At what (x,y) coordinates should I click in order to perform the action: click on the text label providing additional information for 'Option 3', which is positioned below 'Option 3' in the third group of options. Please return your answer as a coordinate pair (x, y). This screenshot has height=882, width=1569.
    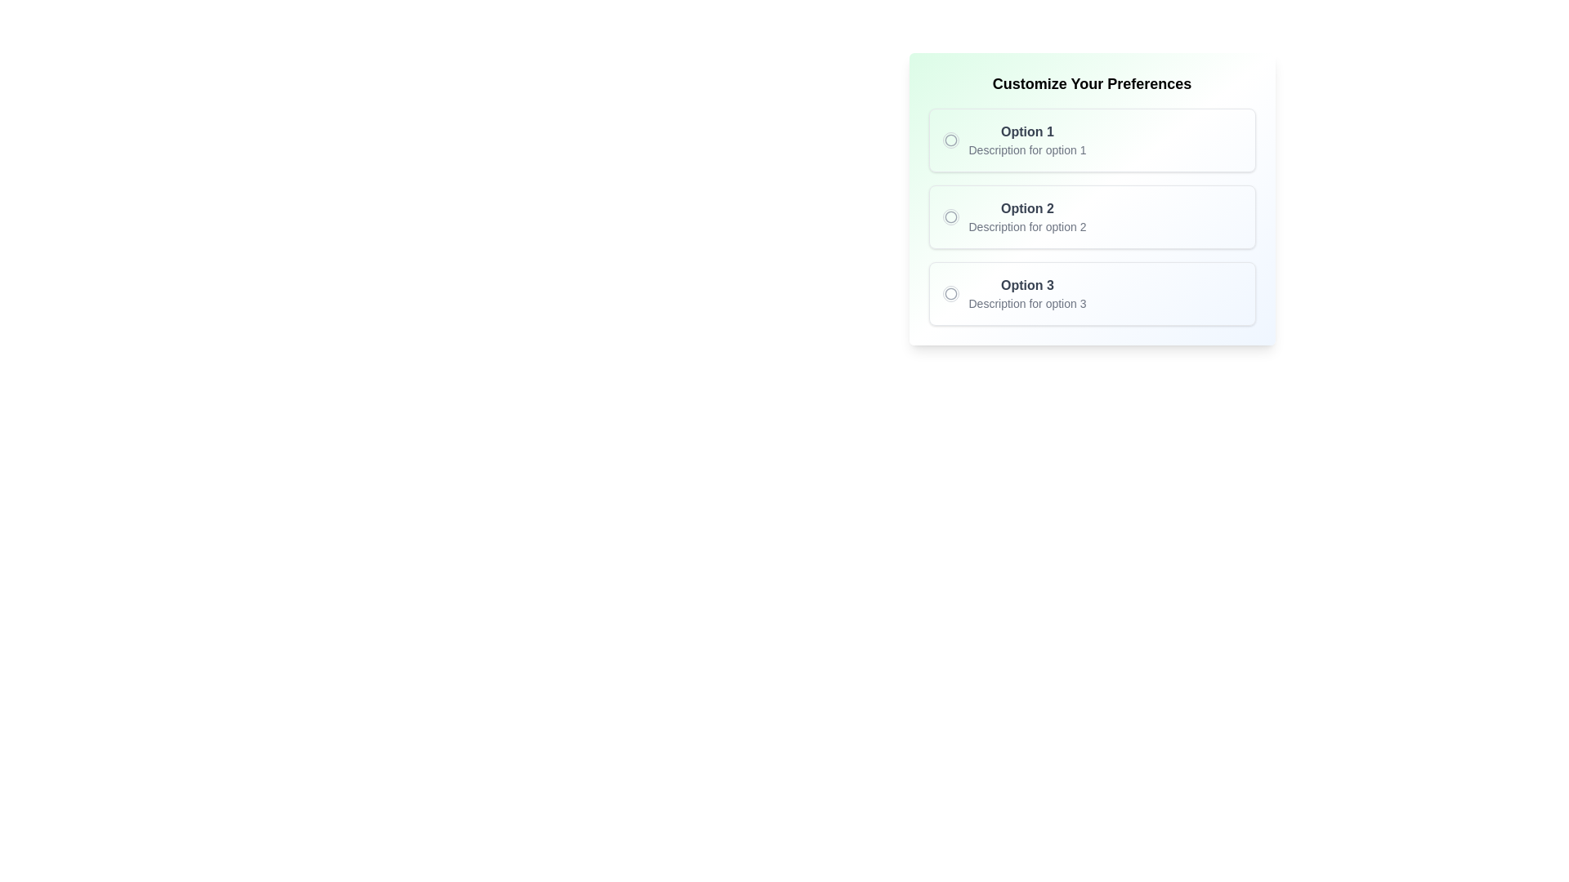
    Looking at the image, I should click on (1026, 303).